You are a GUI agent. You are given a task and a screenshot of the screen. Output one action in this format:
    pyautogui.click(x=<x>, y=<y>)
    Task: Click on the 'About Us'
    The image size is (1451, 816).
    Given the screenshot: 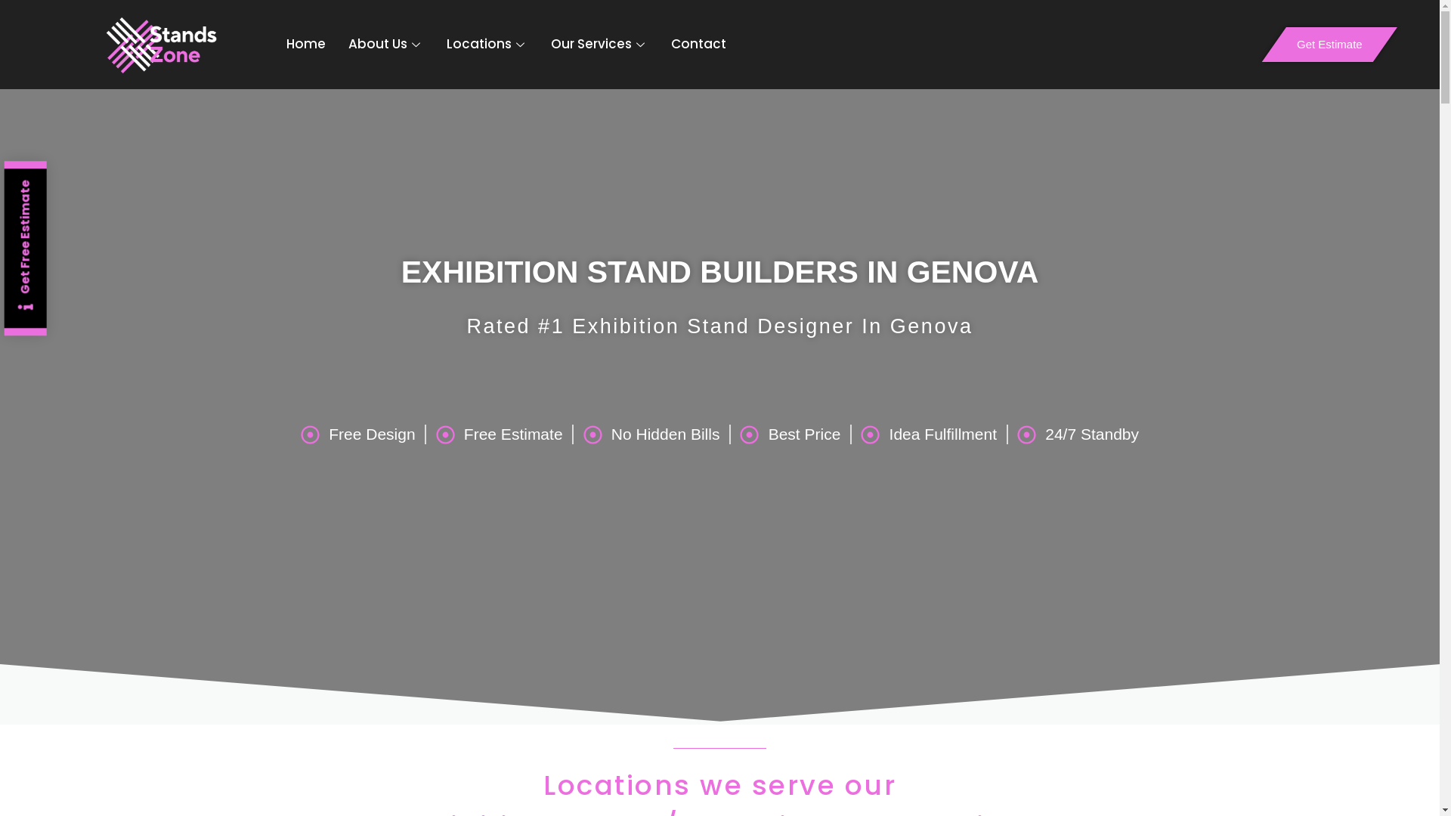 What is the action you would take?
    pyautogui.click(x=385, y=43)
    